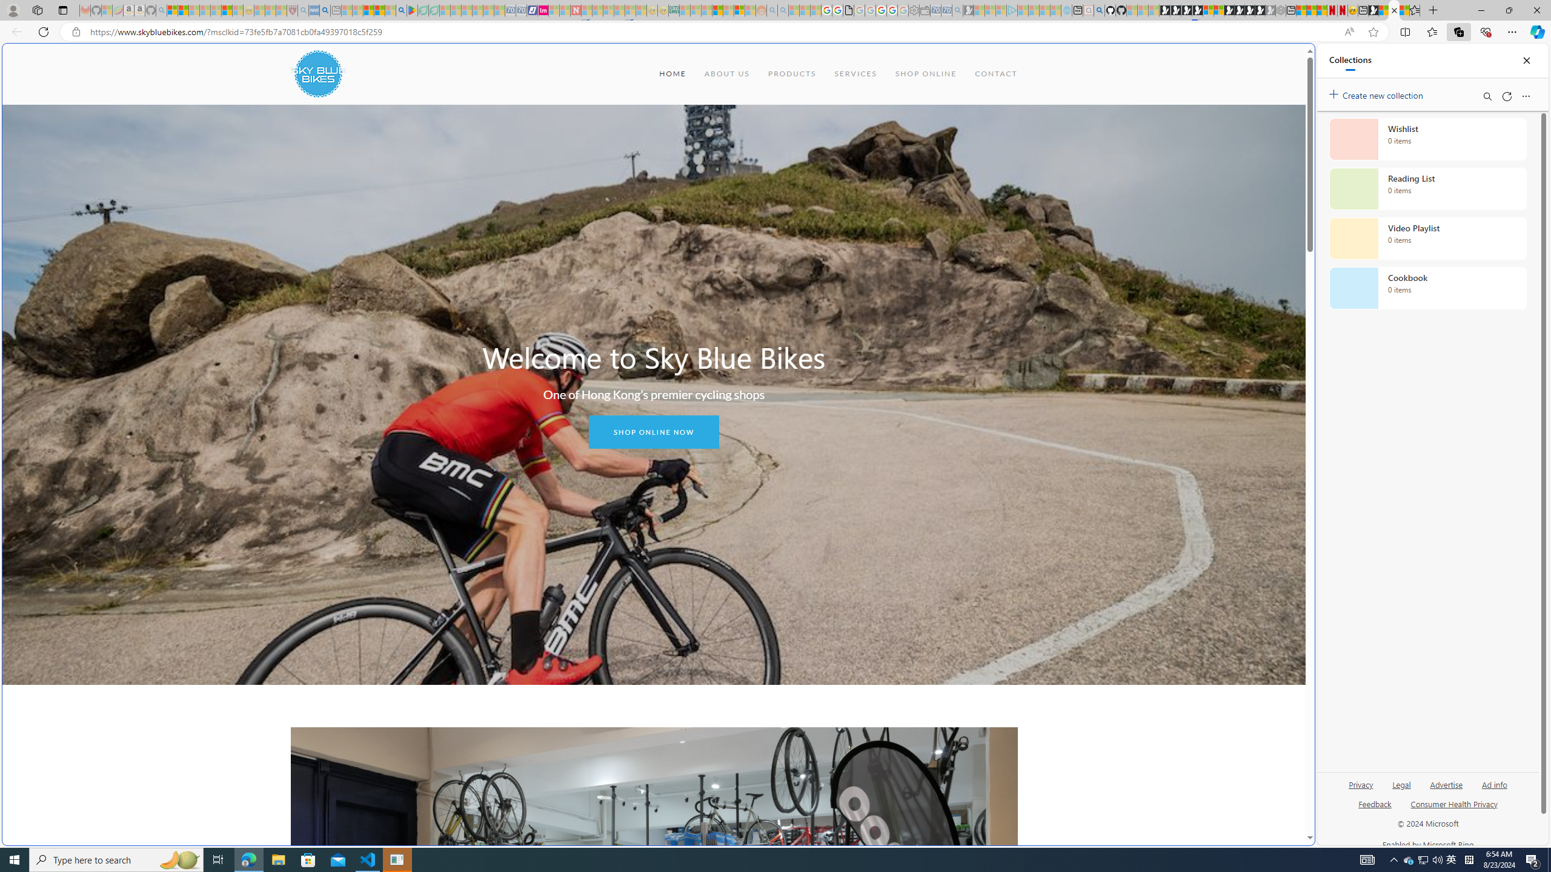 This screenshot has height=872, width=1551. I want to click on 'Close split screen', so click(1286, 61).